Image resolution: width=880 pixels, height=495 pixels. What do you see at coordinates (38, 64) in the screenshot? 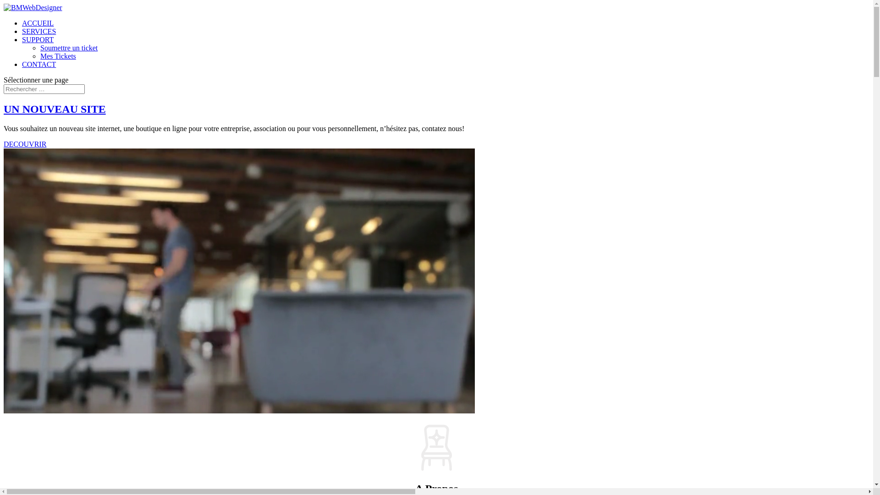
I see `'CONTACT'` at bounding box center [38, 64].